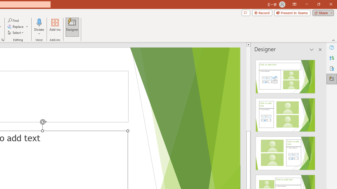 Image resolution: width=337 pixels, height=189 pixels. What do you see at coordinates (13, 20) in the screenshot?
I see `'Find...'` at bounding box center [13, 20].